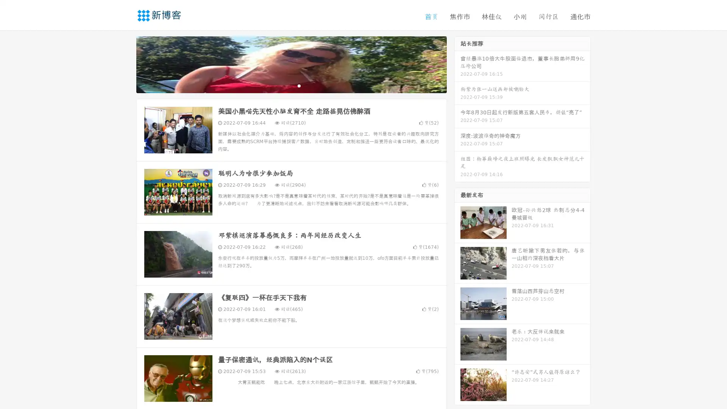 Image resolution: width=727 pixels, height=409 pixels. What do you see at coordinates (299, 85) in the screenshot?
I see `Go to slide 3` at bounding box center [299, 85].